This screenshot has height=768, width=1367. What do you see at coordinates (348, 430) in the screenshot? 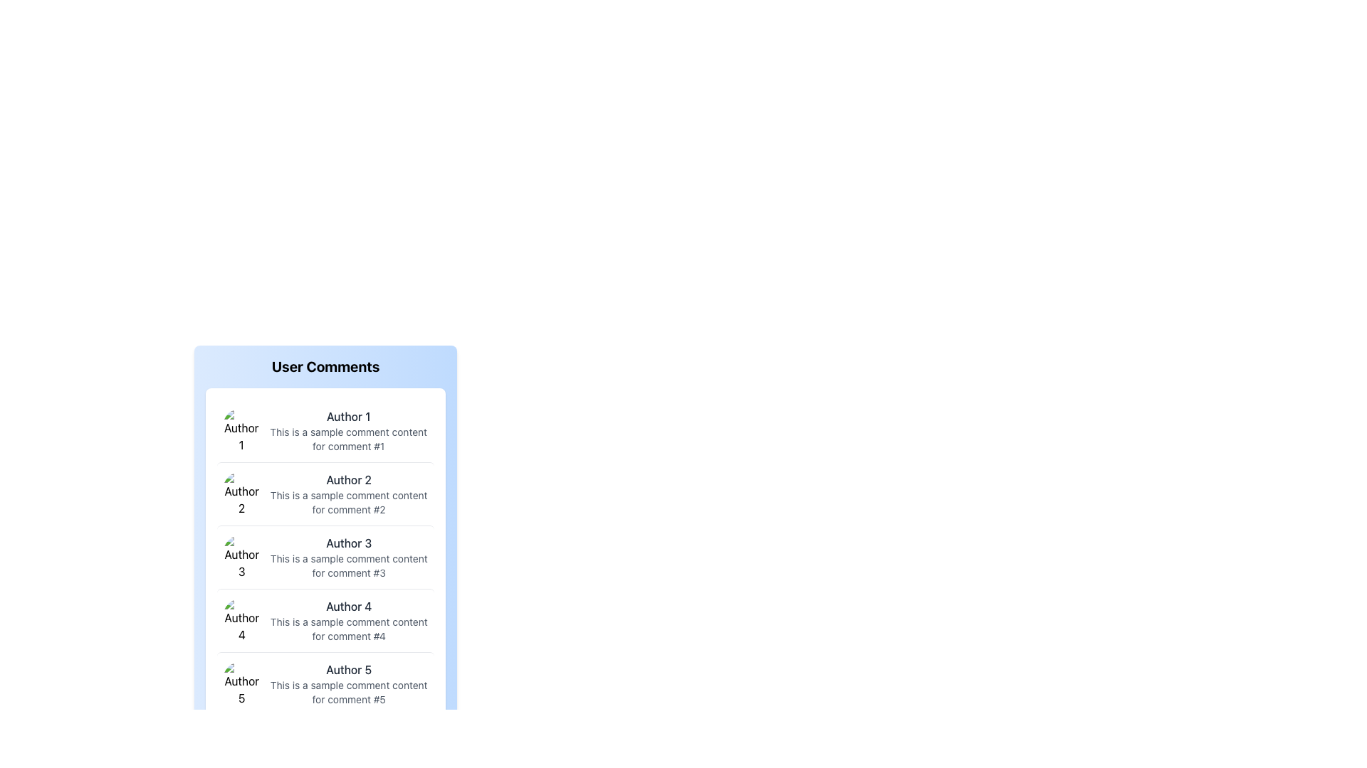
I see `the user comment element displaying 'Author 1' and 'This is a sample comment content for comment #1', which is the first comment in the list of user comments` at bounding box center [348, 430].